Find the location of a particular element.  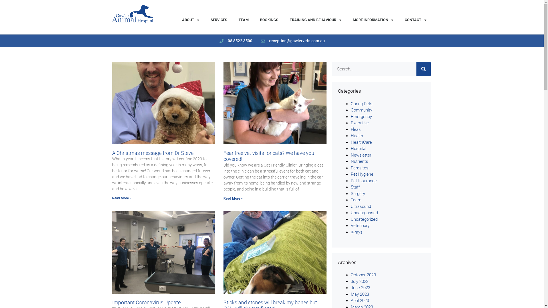

'HealthCare' is located at coordinates (361, 142).